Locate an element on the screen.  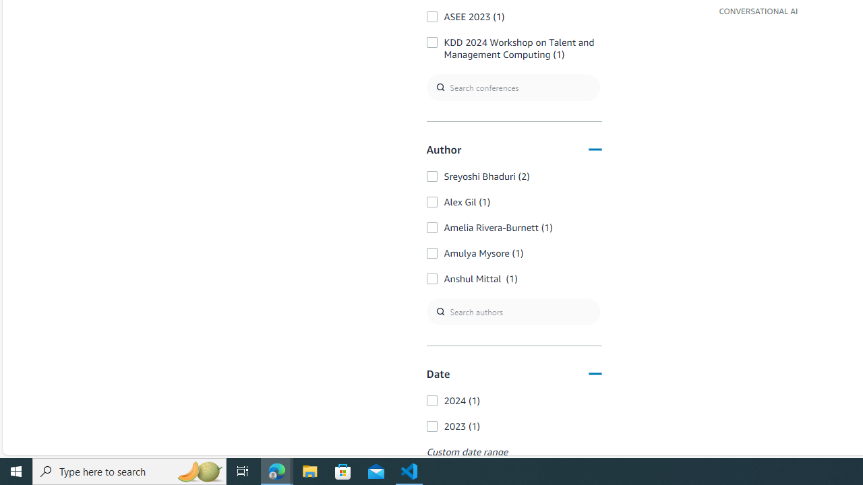
'Search authors' is located at coordinates (512, 312).